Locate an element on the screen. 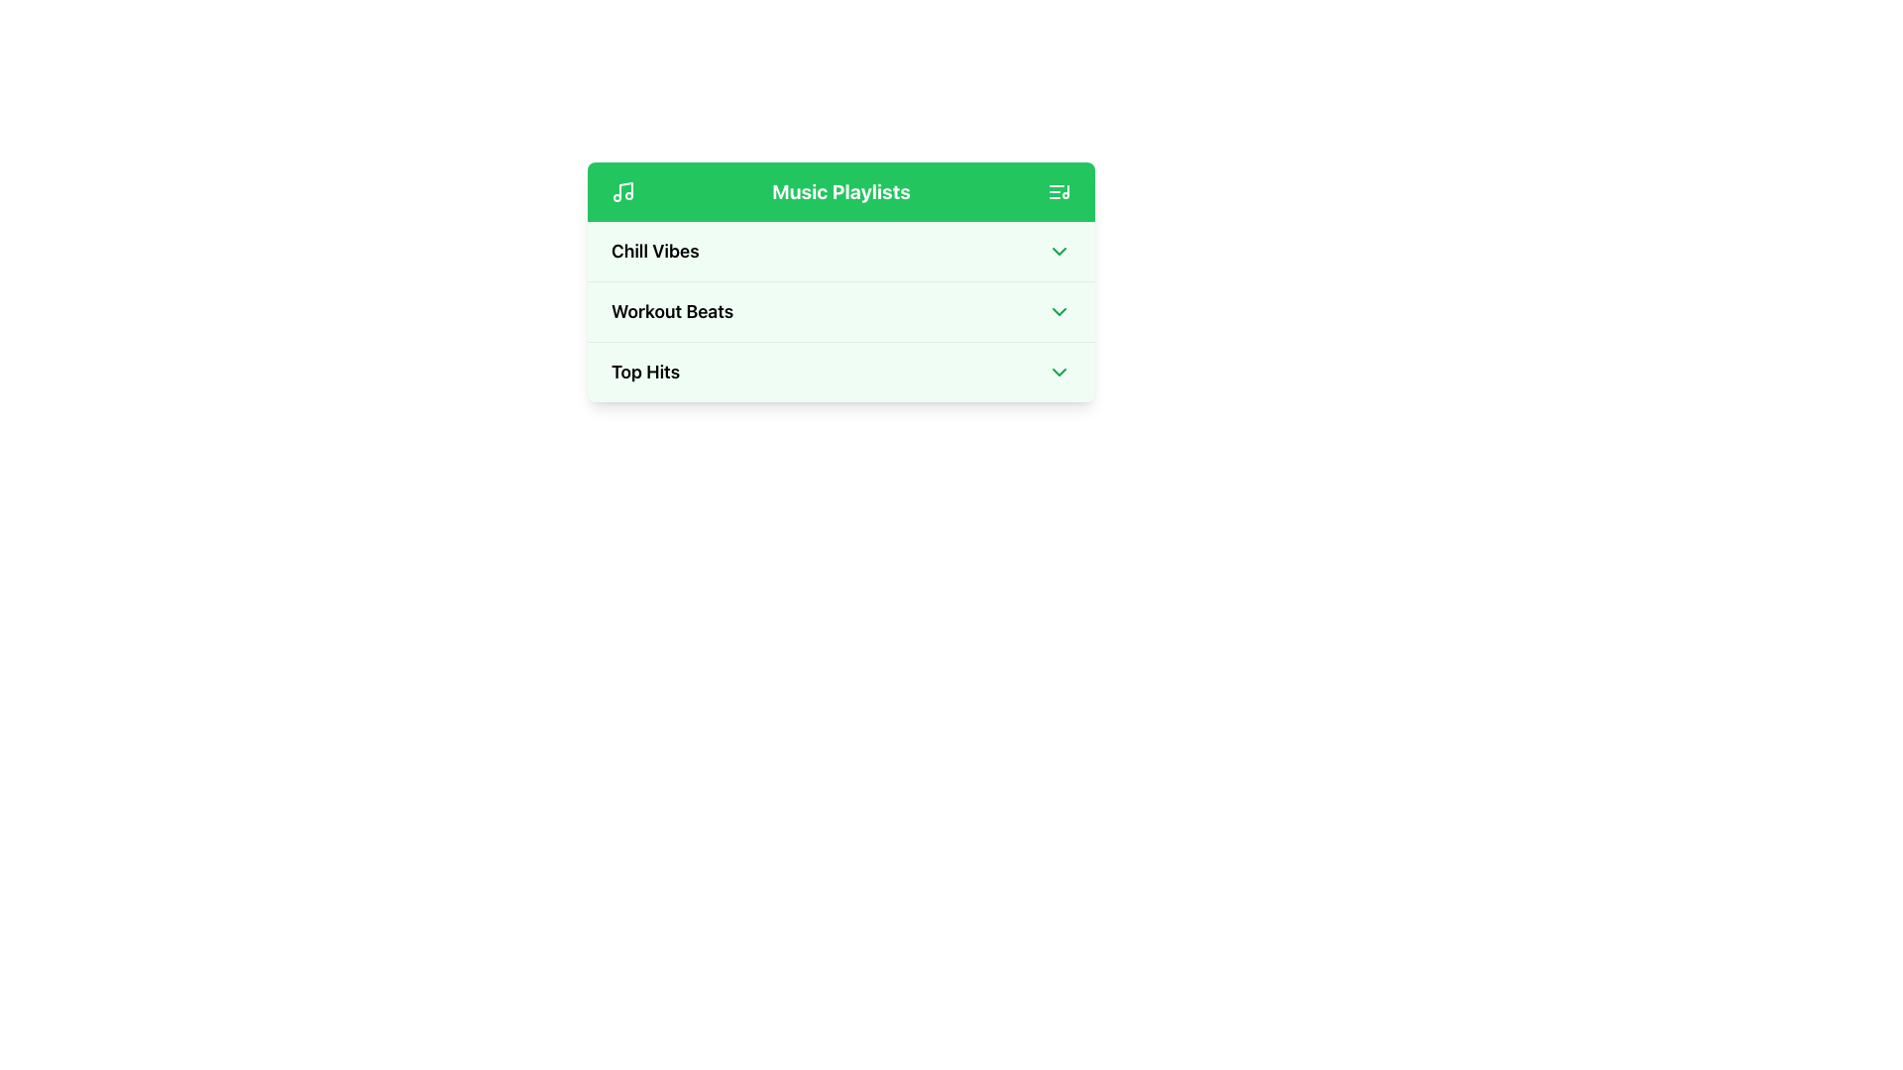 This screenshot has width=1903, height=1070. the arrow is located at coordinates (841, 312).